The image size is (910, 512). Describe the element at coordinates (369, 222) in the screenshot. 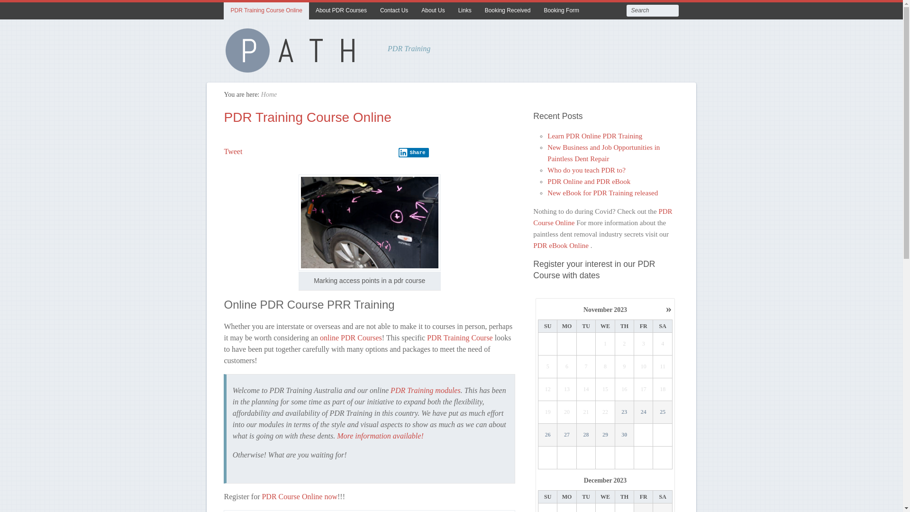

I see `'Marking access points in a pdr course'` at that location.